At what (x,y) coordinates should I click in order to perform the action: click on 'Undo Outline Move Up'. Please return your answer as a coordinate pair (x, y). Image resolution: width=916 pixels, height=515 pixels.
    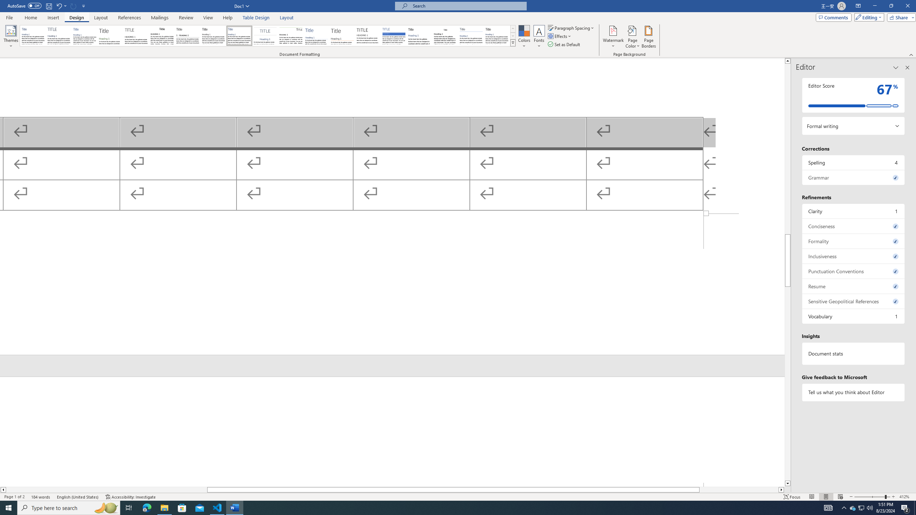
    Looking at the image, I should click on (61, 5).